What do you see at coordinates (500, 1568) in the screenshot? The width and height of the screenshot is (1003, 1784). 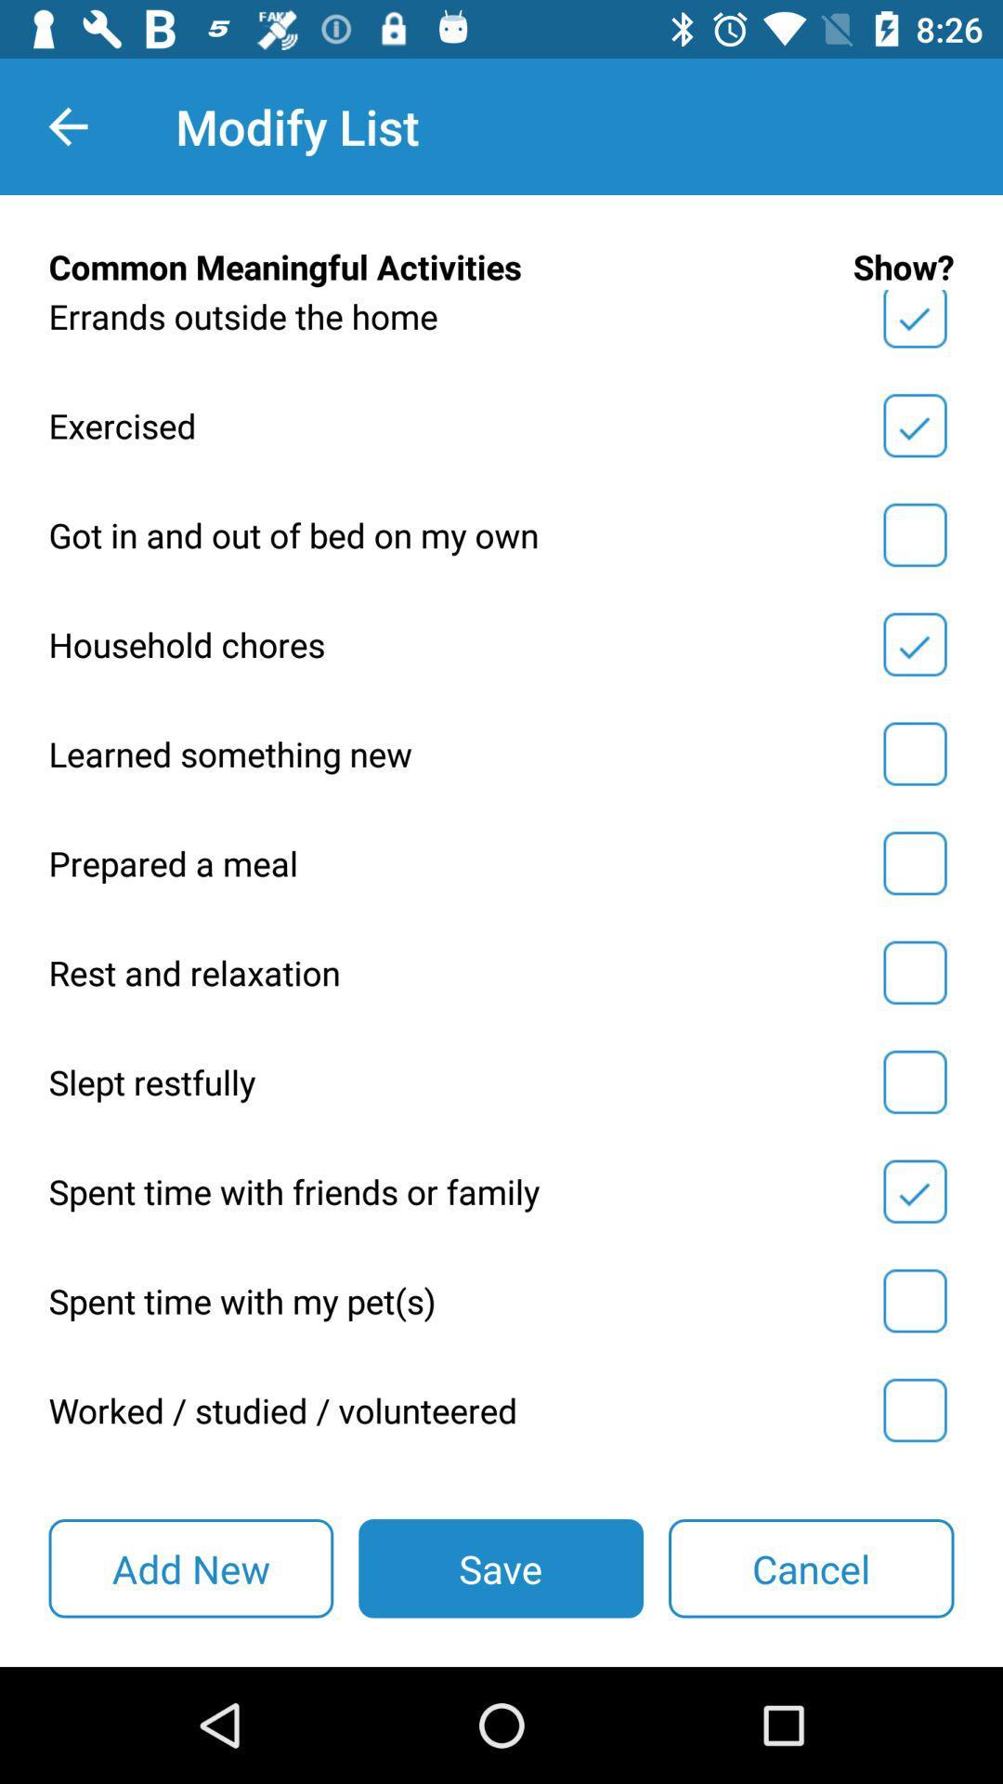 I see `save item` at bounding box center [500, 1568].